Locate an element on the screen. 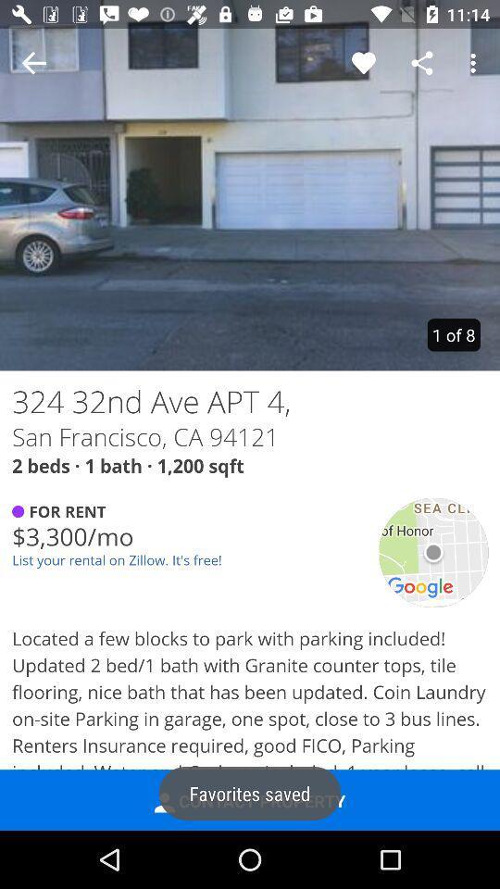  three dot icon in top right corner is located at coordinates (476, 63).